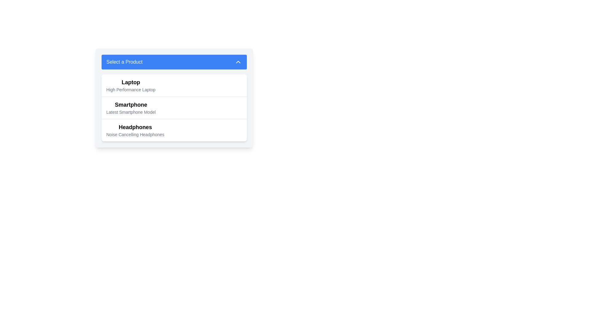 The width and height of the screenshot is (591, 332). Describe the element at coordinates (135, 134) in the screenshot. I see `the static text label 'Noise Cancelling Headphones' located in the dropdown menu under the category 'Headphones'` at that location.